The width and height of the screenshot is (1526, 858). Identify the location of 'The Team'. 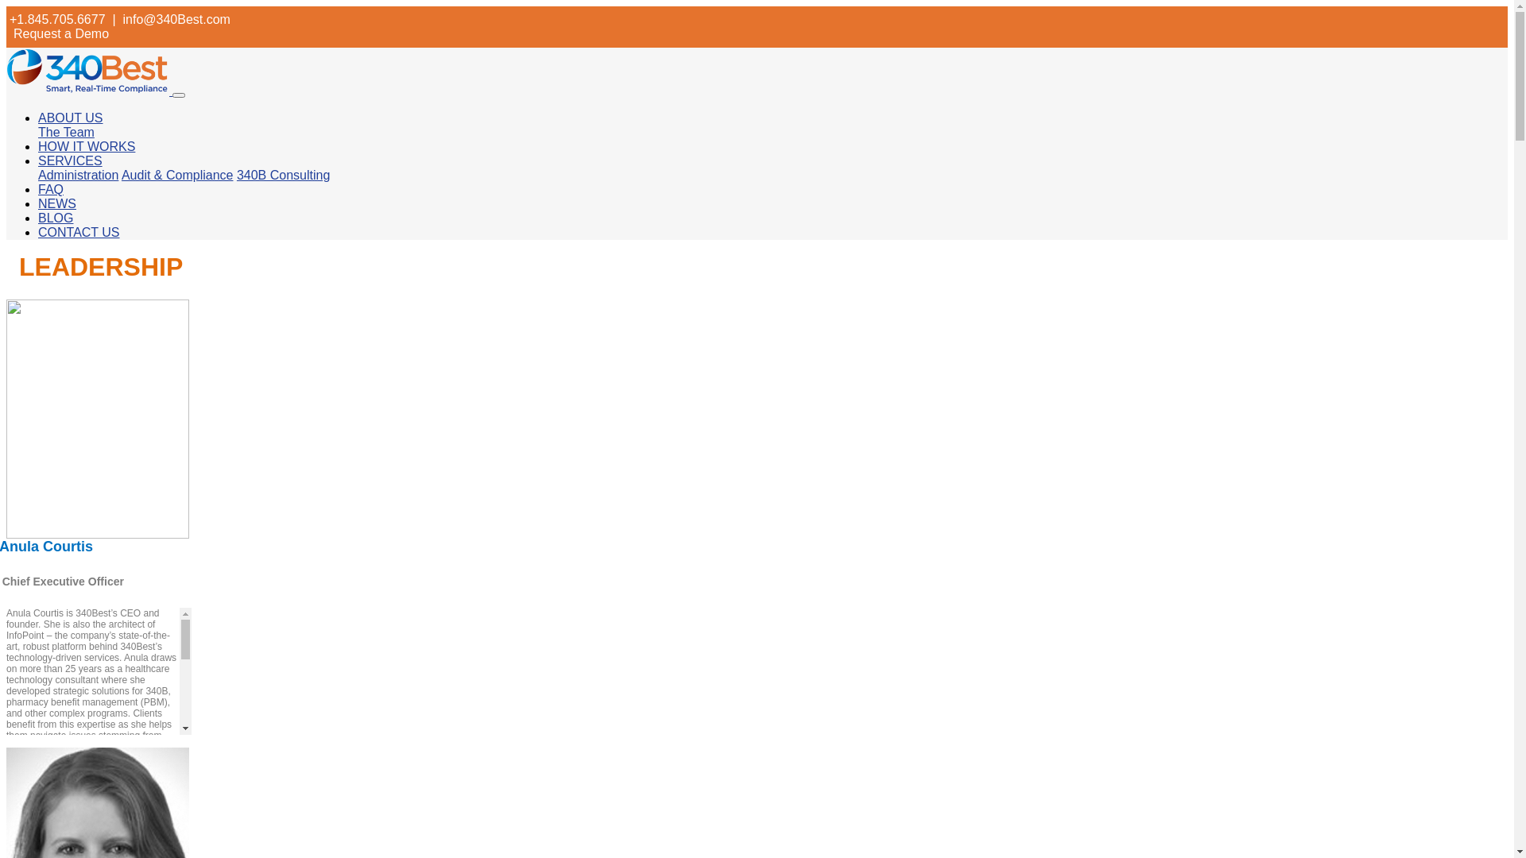
(65, 131).